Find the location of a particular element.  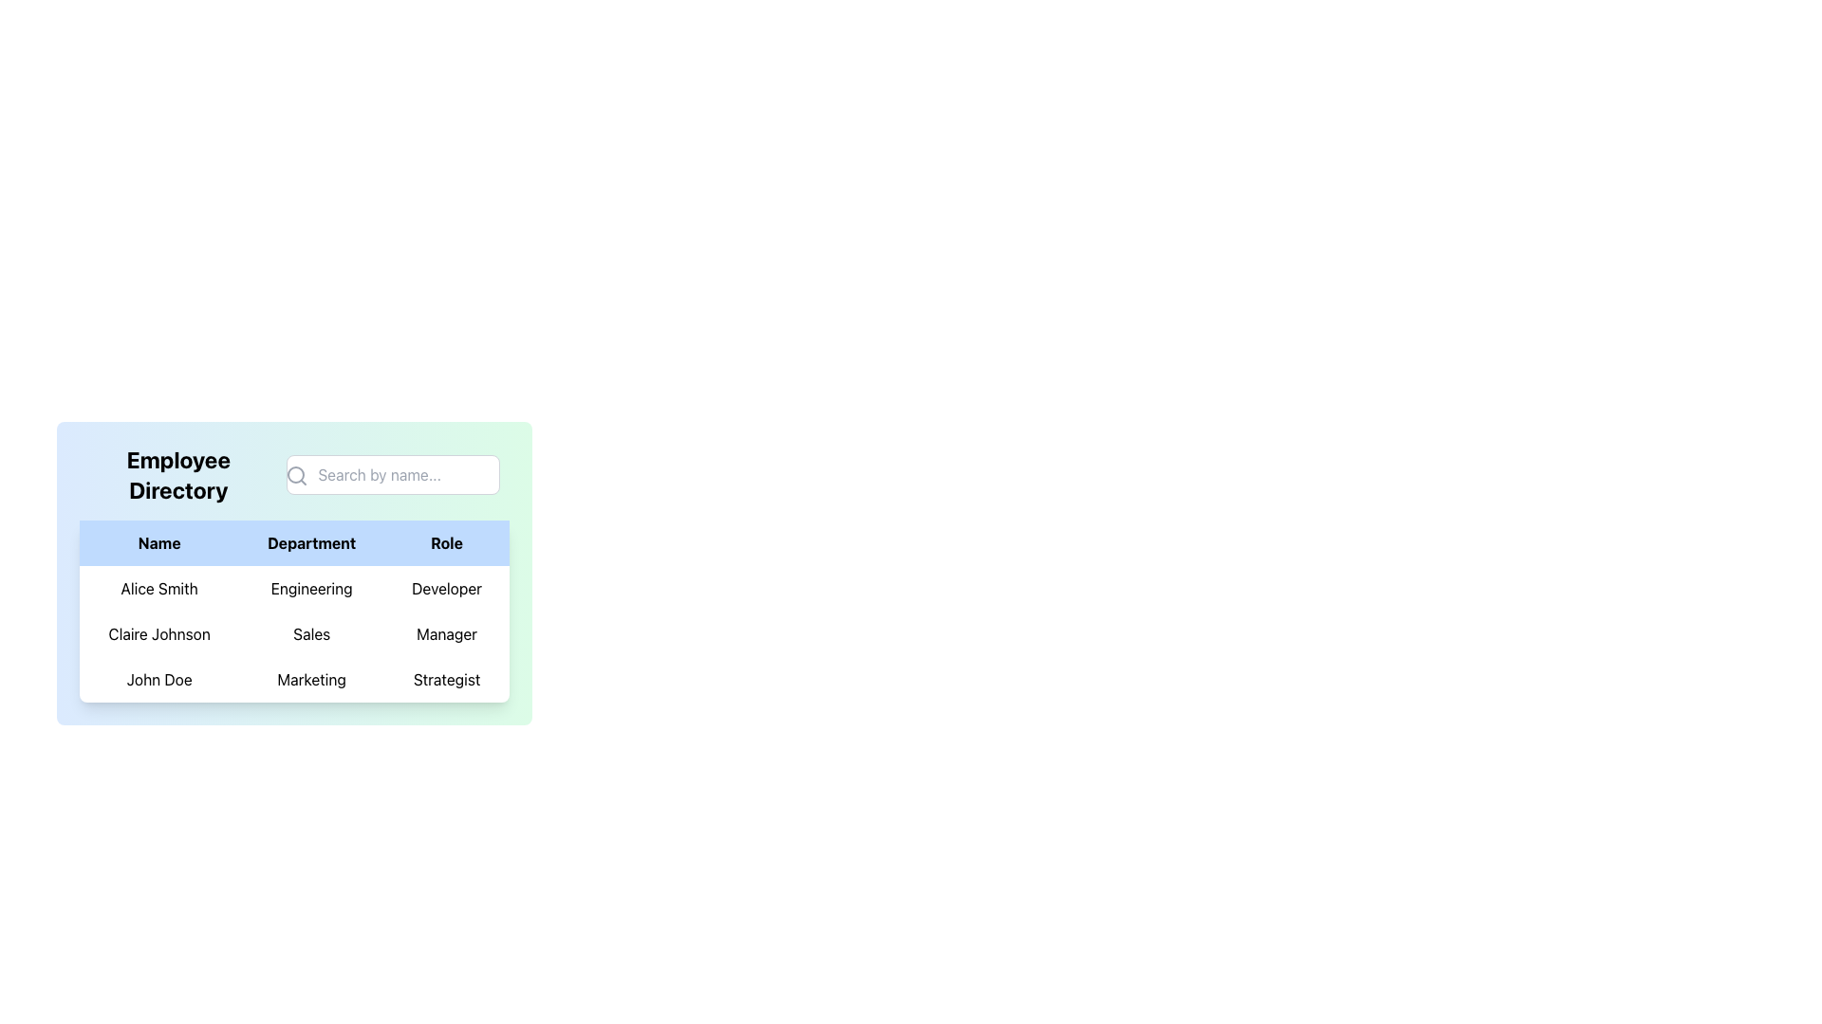

the second row of the table containing 'Claire Johnson', 'Sales', and 'Manager' is located at coordinates (293, 633).